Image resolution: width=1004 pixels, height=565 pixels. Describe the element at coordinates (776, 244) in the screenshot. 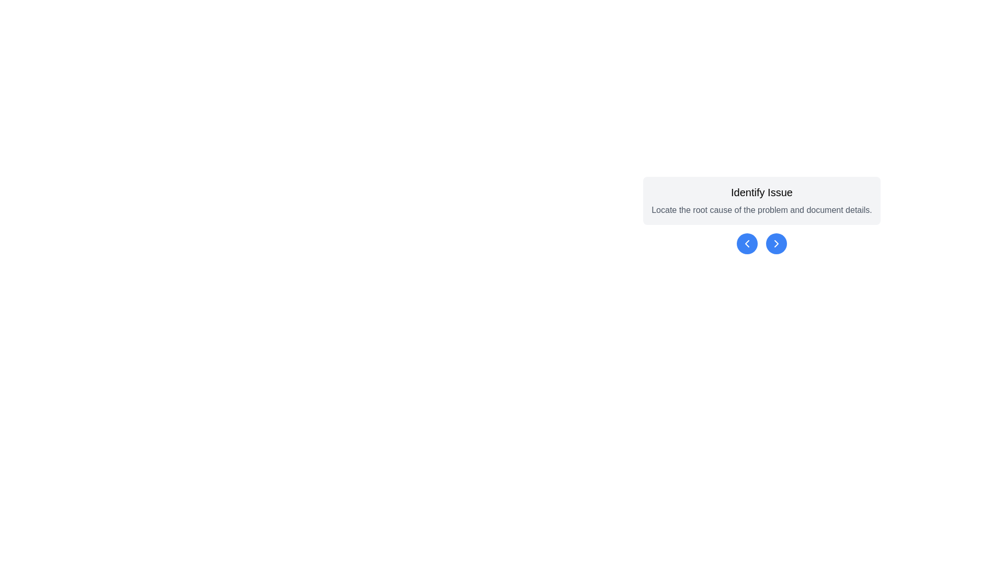

I see `the rightward-pointing chevron icon located to the right of the leftward-pointing chevron, beneath the 'Identify Issue' text` at that location.